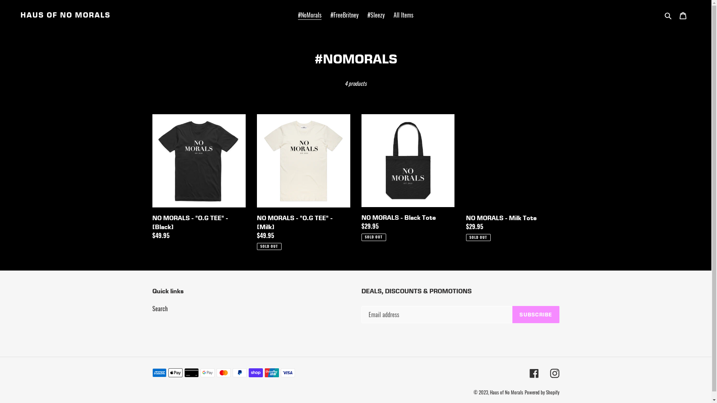 This screenshot has width=717, height=403. Describe the element at coordinates (535, 315) in the screenshot. I see `'SUBSCRIBE'` at that location.